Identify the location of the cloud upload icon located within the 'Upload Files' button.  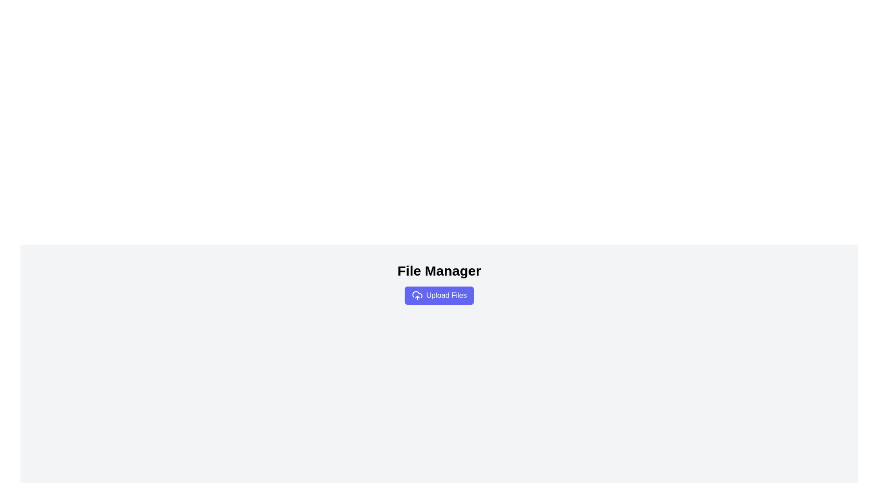
(417, 295).